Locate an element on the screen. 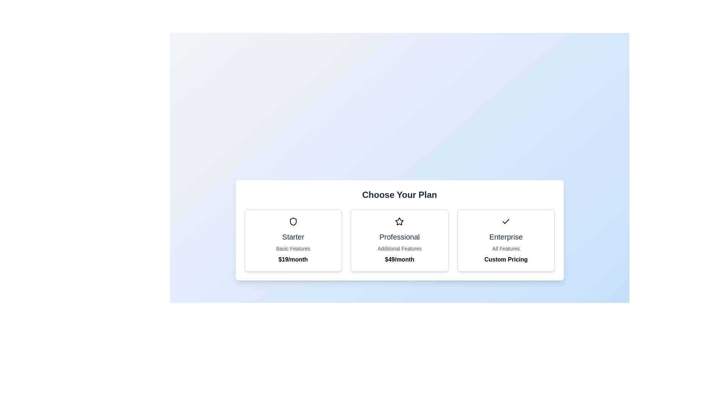  the decorative icon located above the 'Professional' text in the middle pricing card of the three-card layout is located at coordinates (399, 221).